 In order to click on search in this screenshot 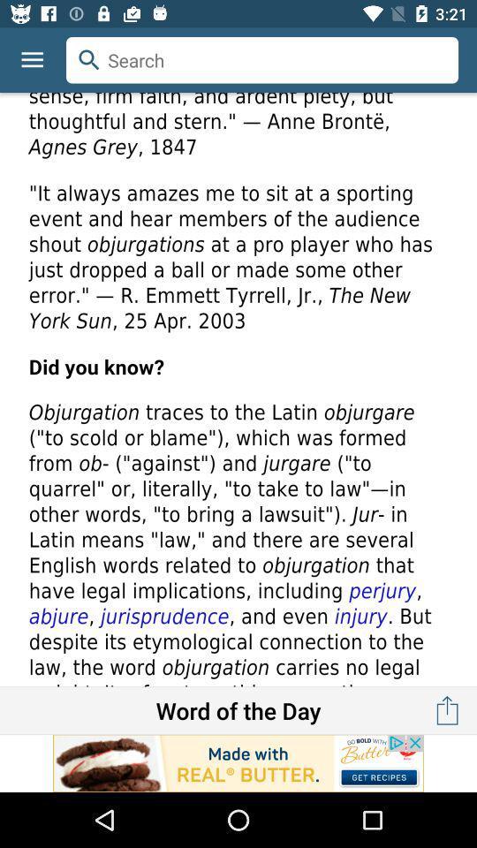, I will do `click(261, 60)`.